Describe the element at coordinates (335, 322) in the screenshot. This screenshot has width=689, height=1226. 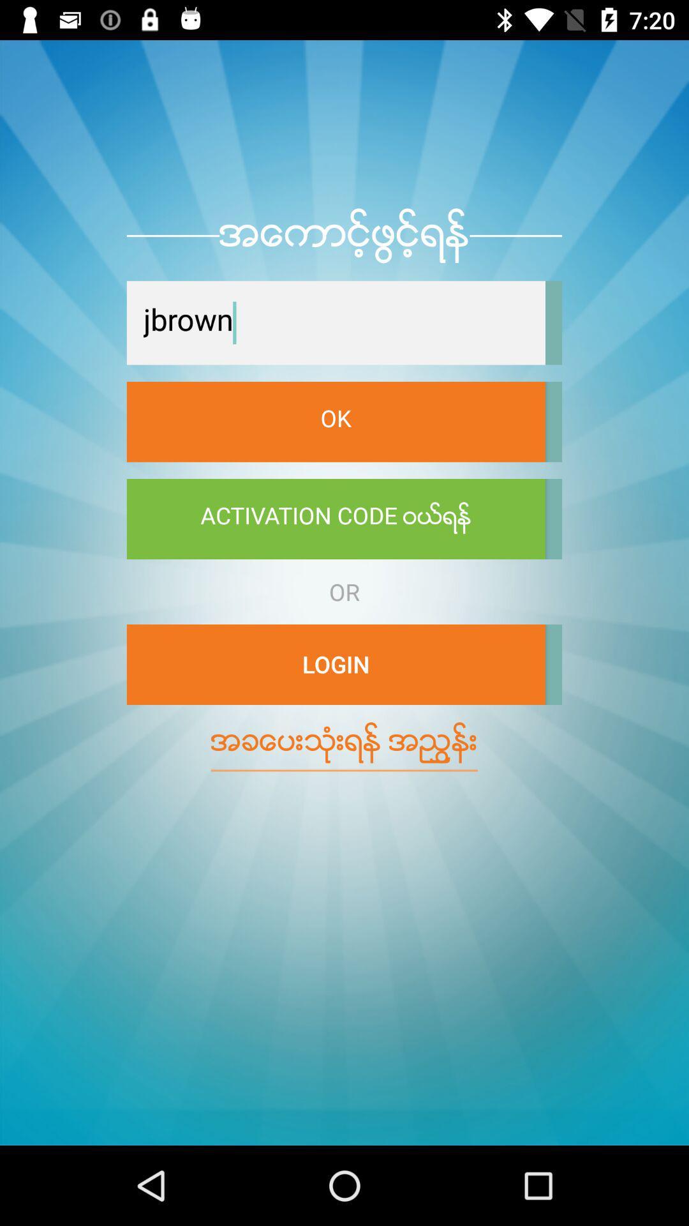
I see `jbrown item` at that location.